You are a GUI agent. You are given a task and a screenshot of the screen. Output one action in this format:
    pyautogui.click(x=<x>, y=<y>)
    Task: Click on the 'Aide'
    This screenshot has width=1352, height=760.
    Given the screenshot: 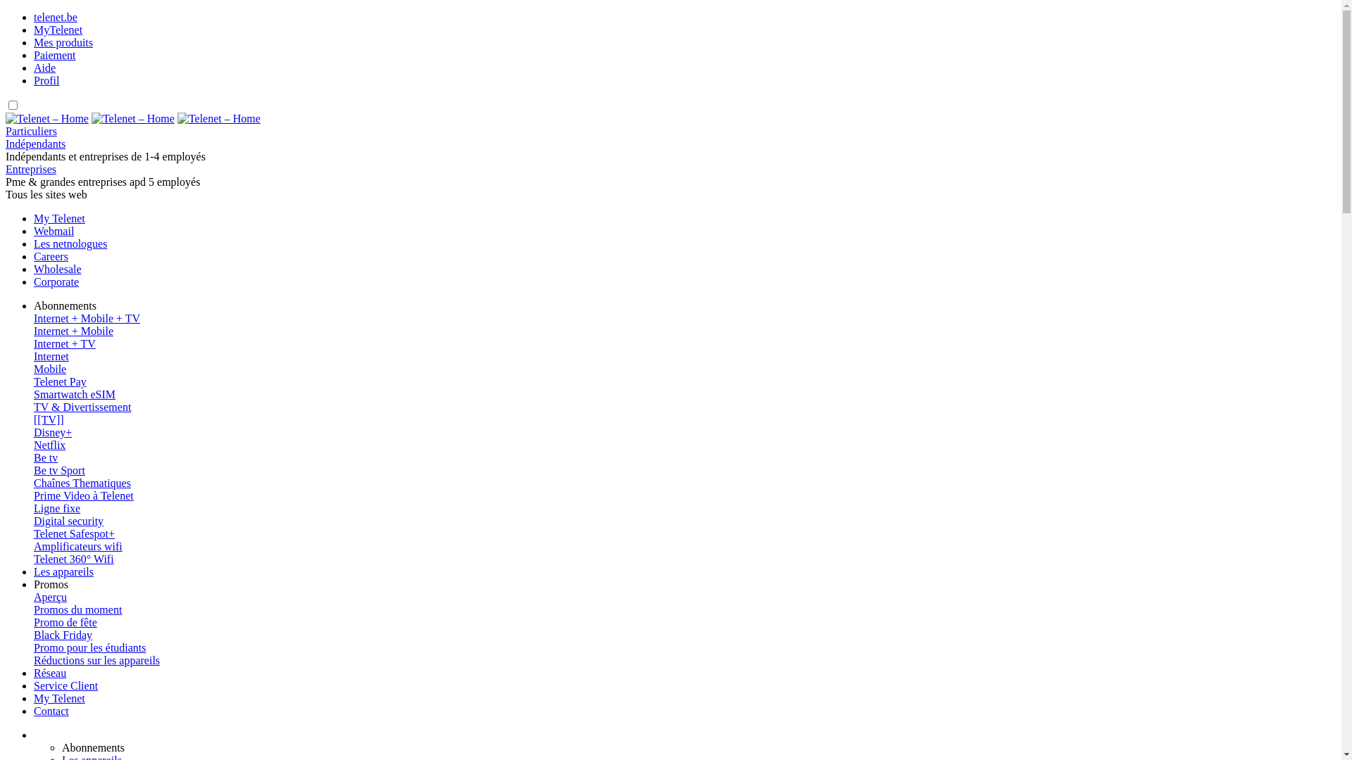 What is the action you would take?
    pyautogui.click(x=44, y=68)
    